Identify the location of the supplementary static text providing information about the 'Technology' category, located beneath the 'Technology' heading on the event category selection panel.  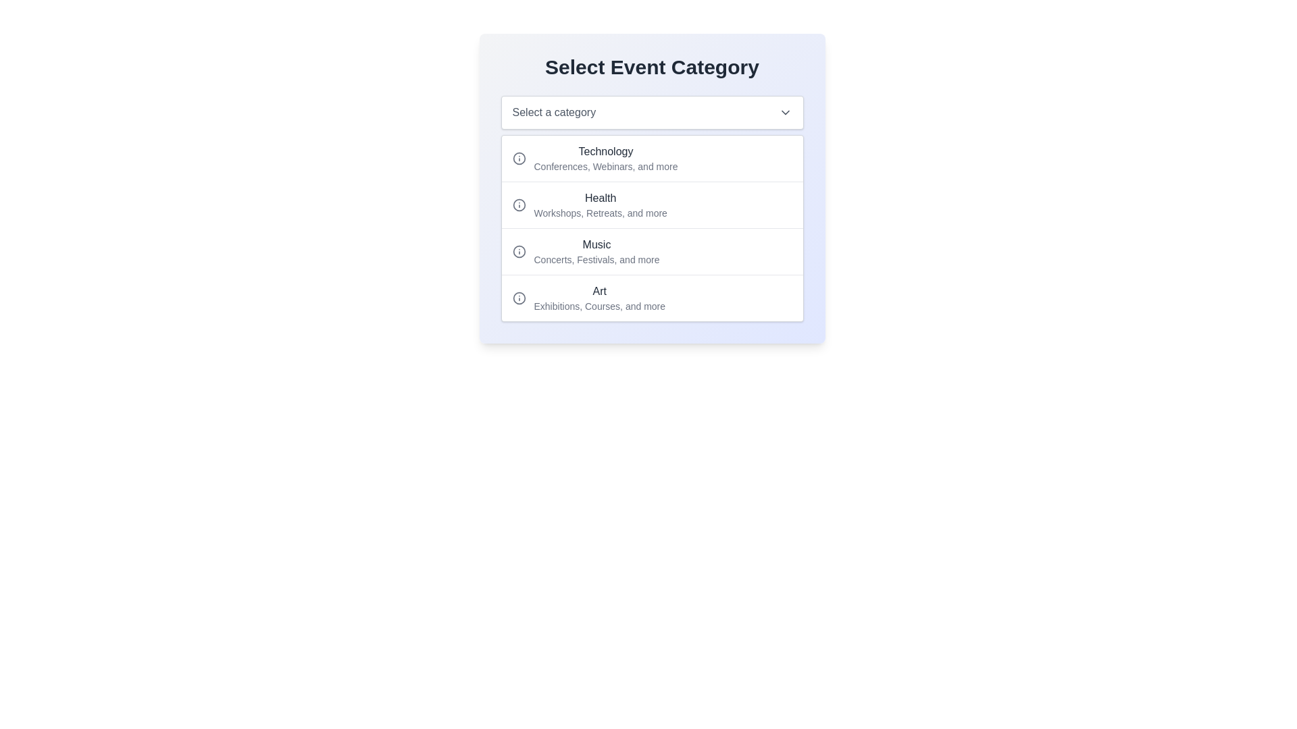
(605, 165).